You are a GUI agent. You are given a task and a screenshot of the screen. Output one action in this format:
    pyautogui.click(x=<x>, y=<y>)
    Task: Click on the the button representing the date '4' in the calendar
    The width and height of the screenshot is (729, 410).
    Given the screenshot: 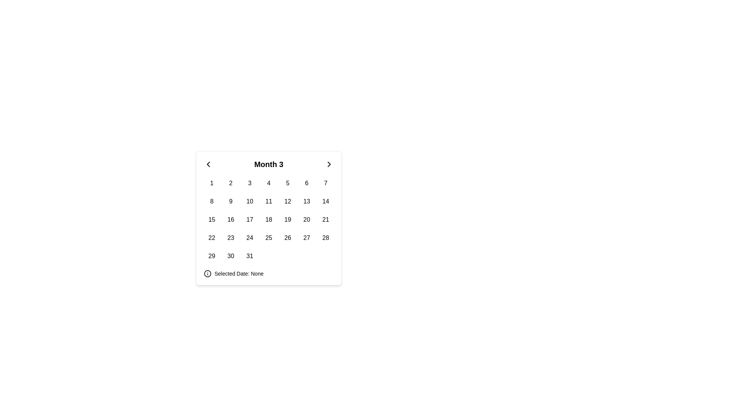 What is the action you would take?
    pyautogui.click(x=269, y=183)
    